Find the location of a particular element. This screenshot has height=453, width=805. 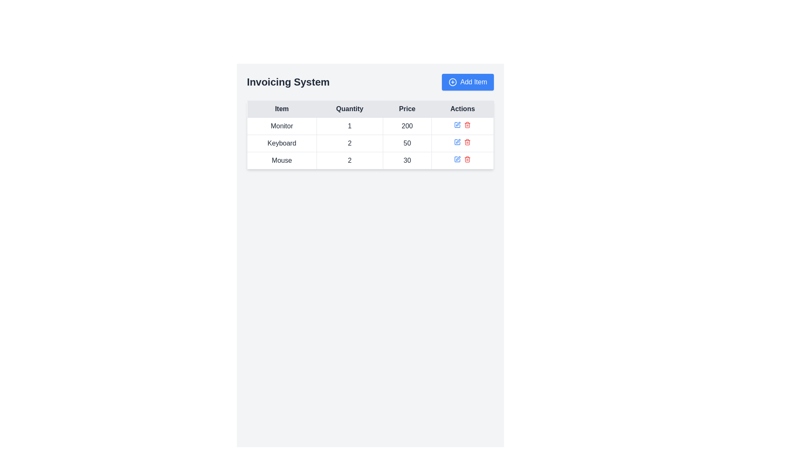

text of the Text label in the second row of the table under the 'Item' column, which serves as a label for an item in a list of products or categories is located at coordinates (282, 143).